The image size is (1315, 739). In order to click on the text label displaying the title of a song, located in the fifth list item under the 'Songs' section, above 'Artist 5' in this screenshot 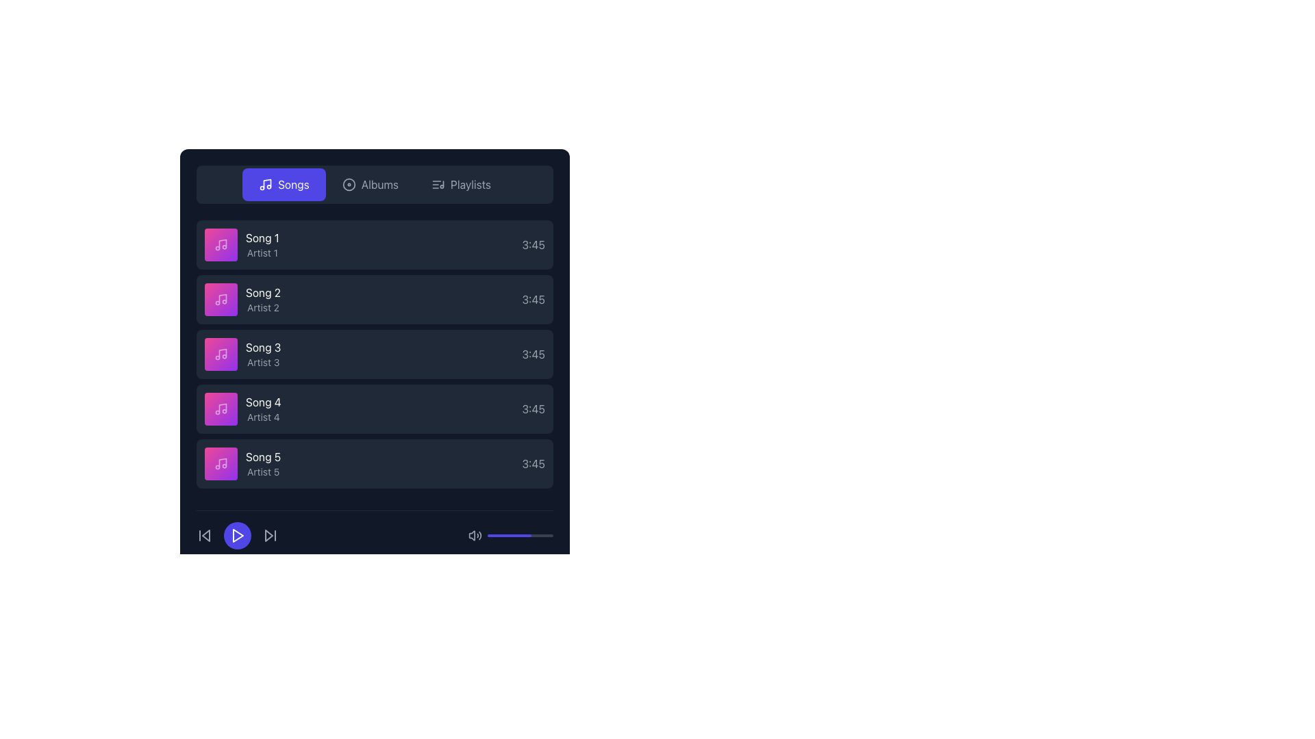, I will do `click(263, 456)`.